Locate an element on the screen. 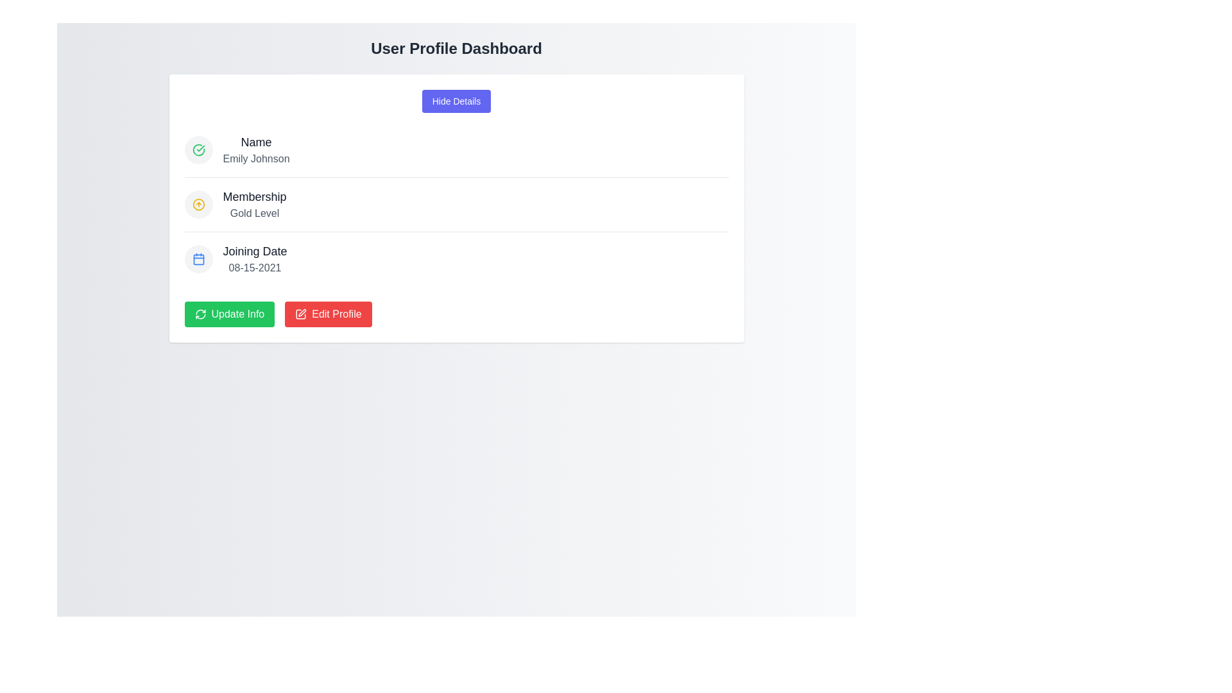 The width and height of the screenshot is (1232, 693). the decorative icon inside the green 'Update Info' button located at the bottom-left corner of the information card is located at coordinates (200, 314).